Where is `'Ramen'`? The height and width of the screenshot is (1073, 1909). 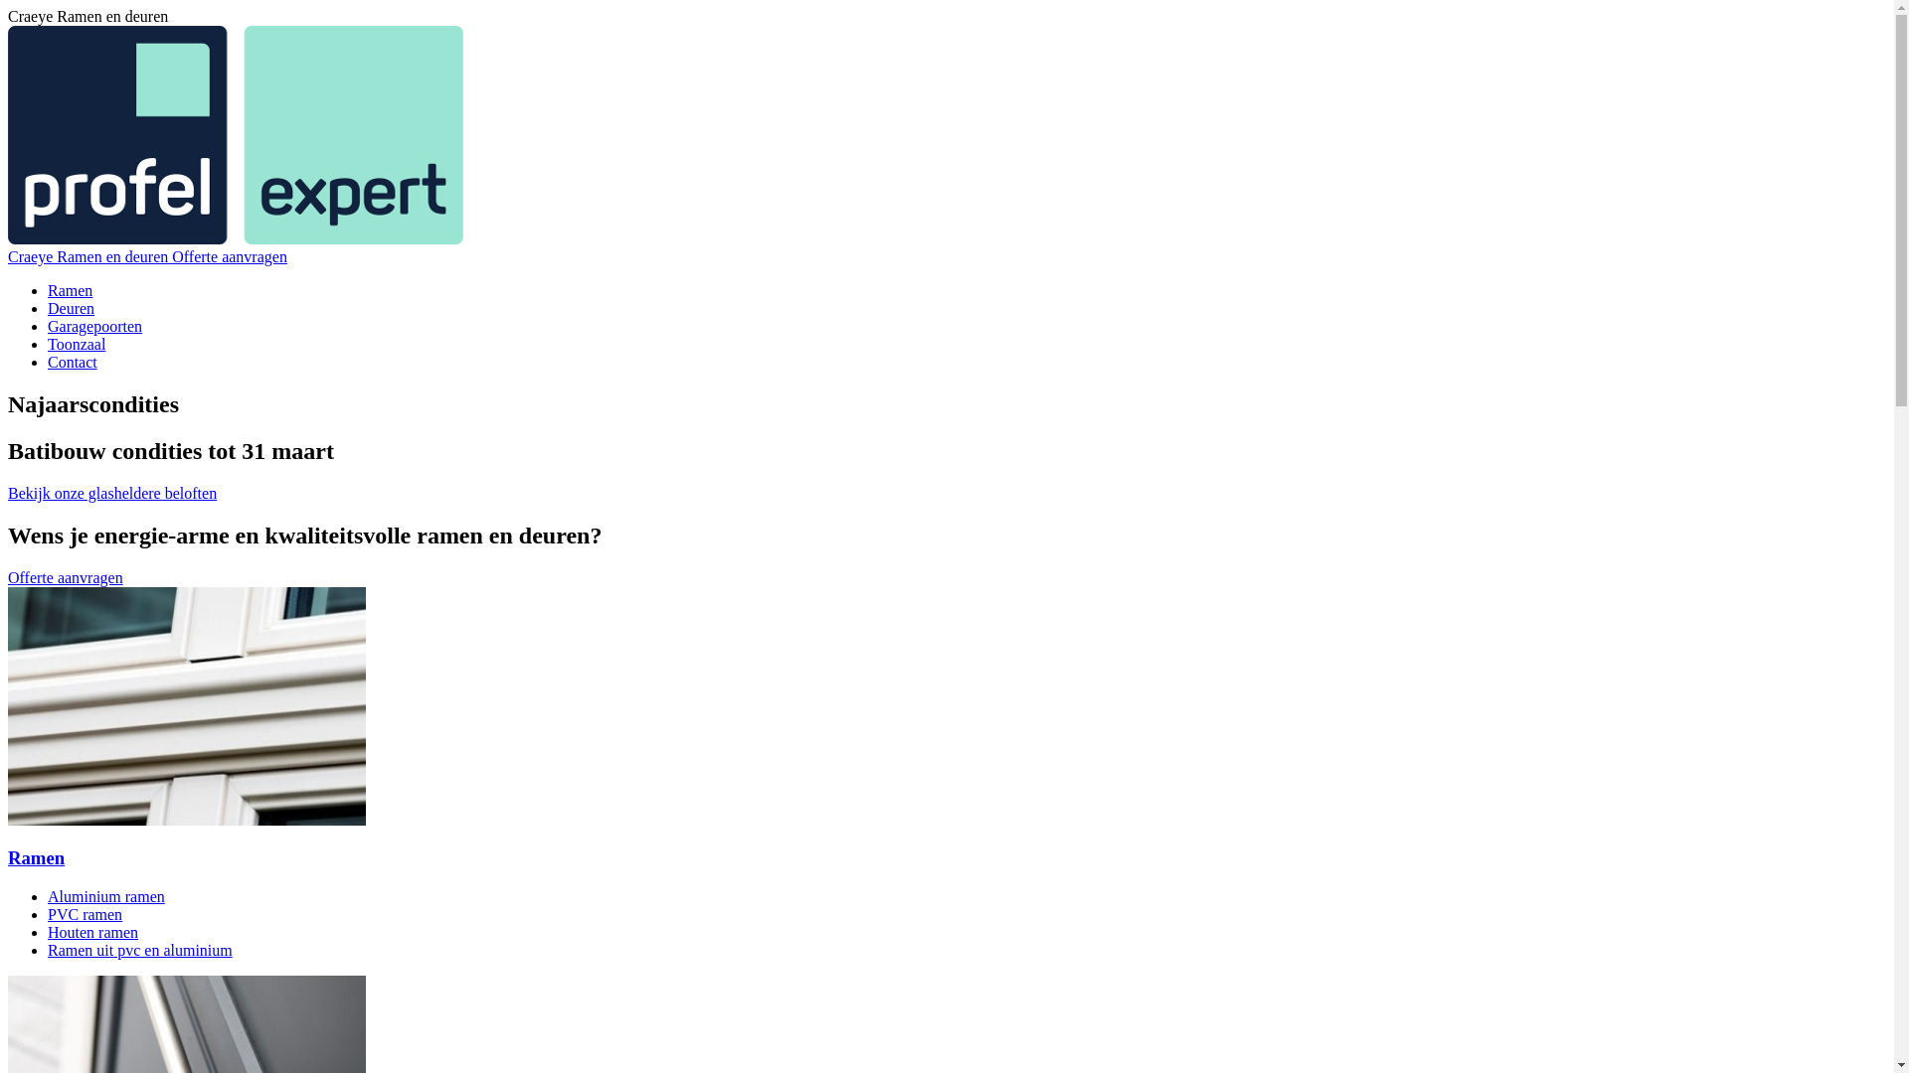 'Ramen' is located at coordinates (70, 290).